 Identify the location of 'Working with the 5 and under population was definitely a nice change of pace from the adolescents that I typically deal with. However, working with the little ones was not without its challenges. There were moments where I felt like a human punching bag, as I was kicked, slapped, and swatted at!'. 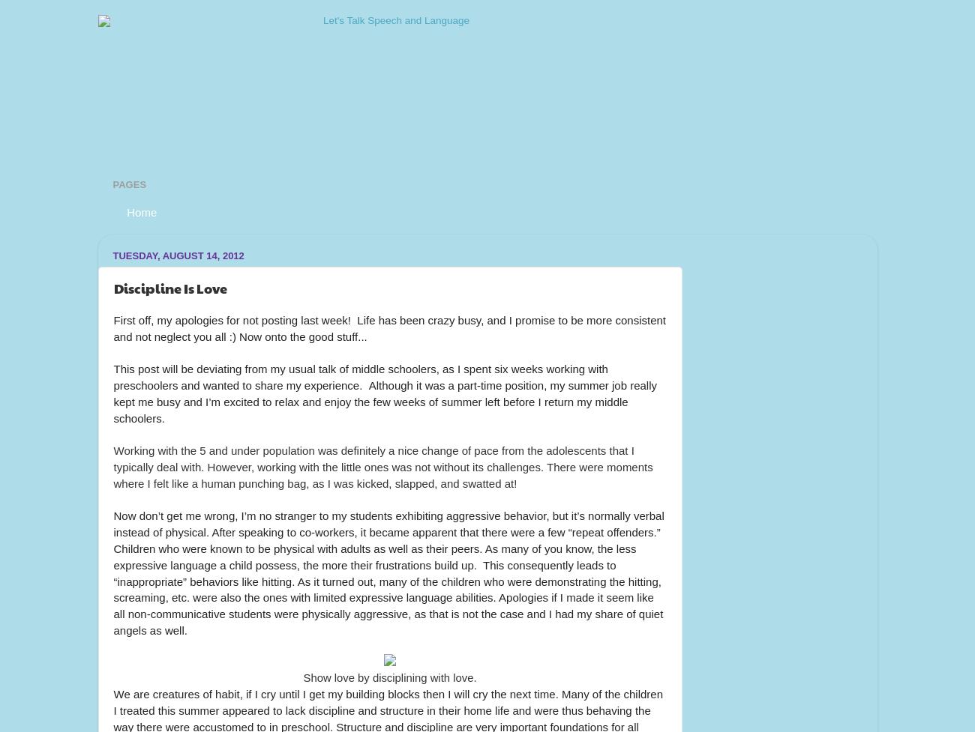
(112, 466).